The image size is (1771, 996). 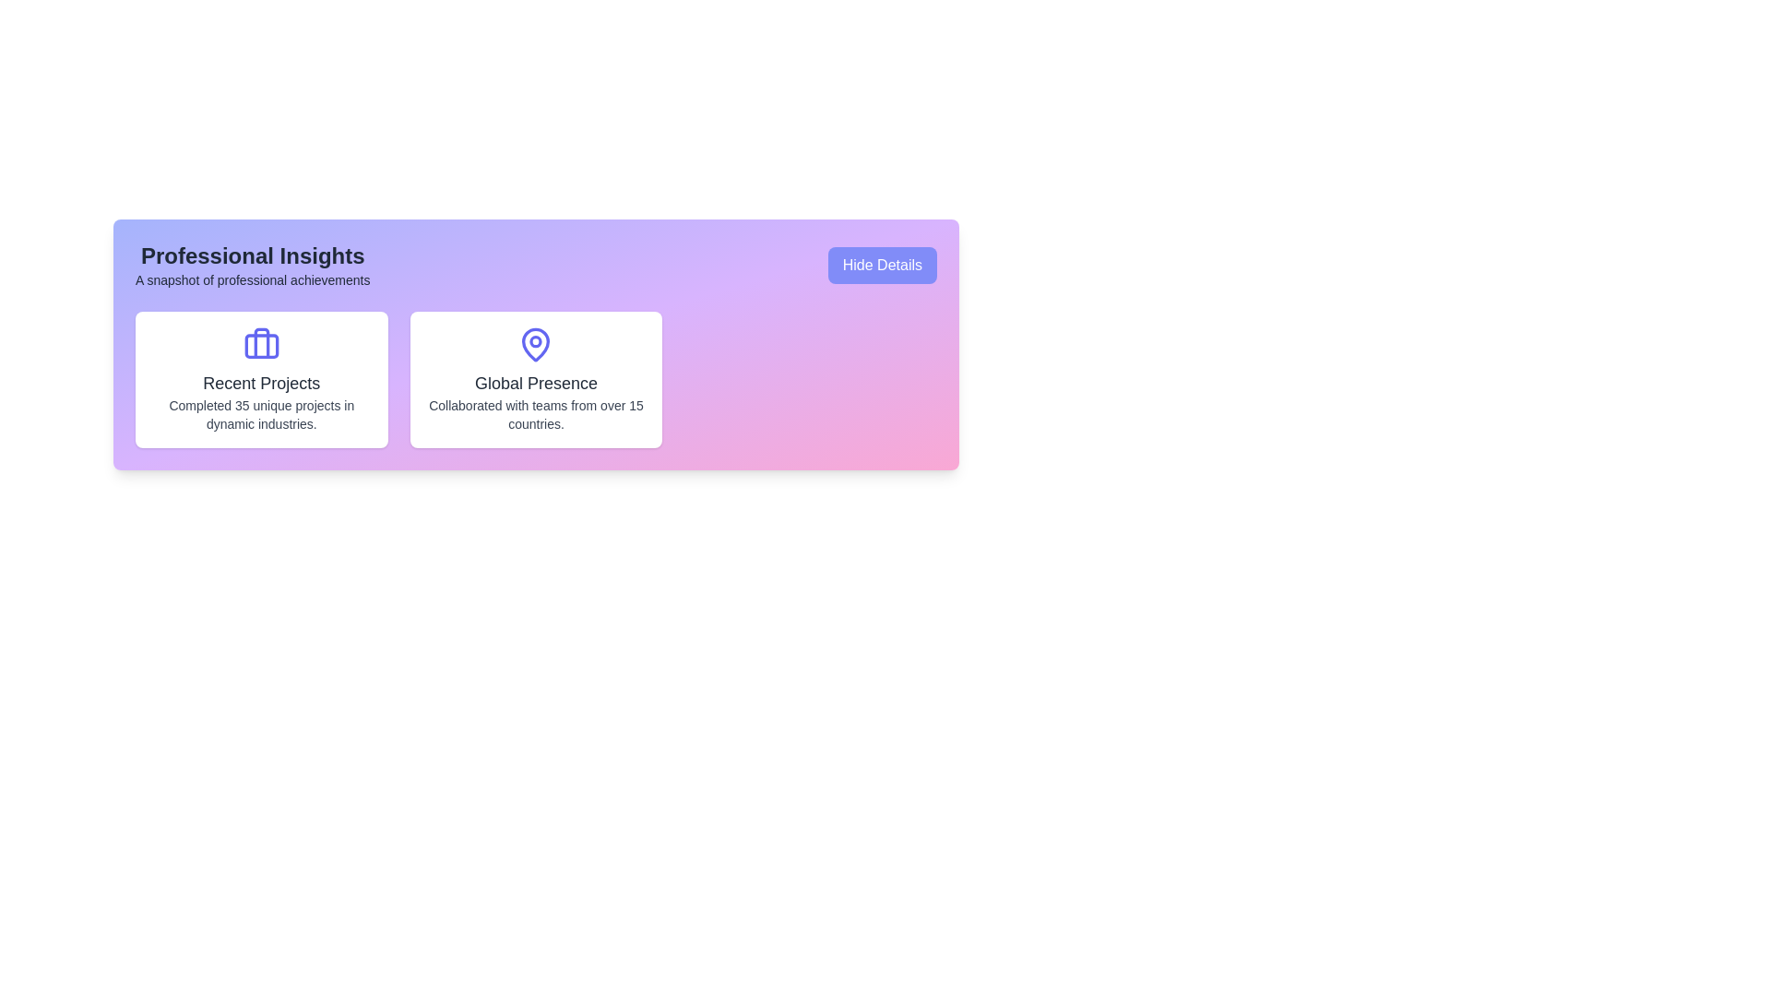 What do you see at coordinates (260, 345) in the screenshot?
I see `the indigo briefcase-shaped icon located above the 'Recent Projects' text within the white card in the 'Professional Insights' section` at bounding box center [260, 345].